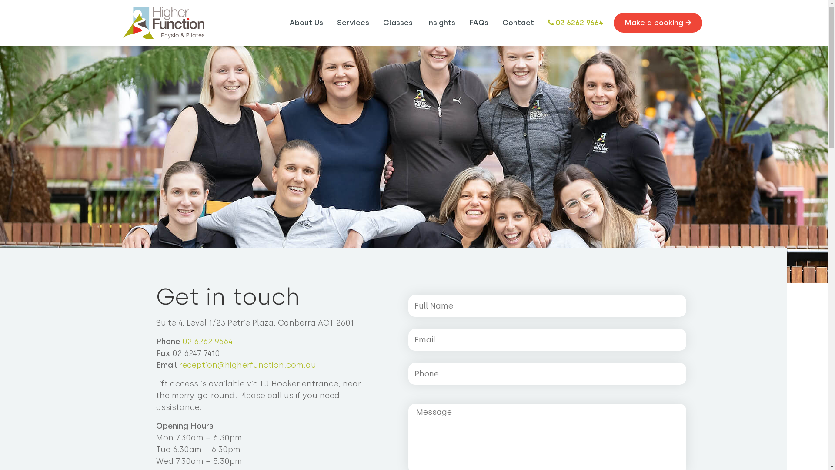  What do you see at coordinates (478, 23) in the screenshot?
I see `'FAQs'` at bounding box center [478, 23].